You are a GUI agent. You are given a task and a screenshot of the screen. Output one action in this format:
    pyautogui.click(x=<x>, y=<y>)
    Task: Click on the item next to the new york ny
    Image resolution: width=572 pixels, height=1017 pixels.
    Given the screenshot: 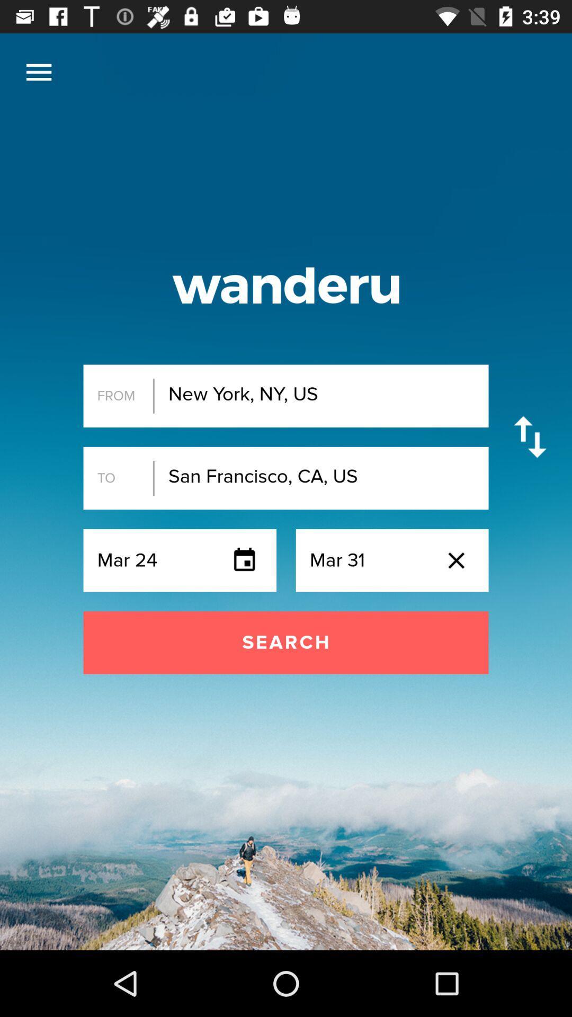 What is the action you would take?
    pyautogui.click(x=530, y=437)
    